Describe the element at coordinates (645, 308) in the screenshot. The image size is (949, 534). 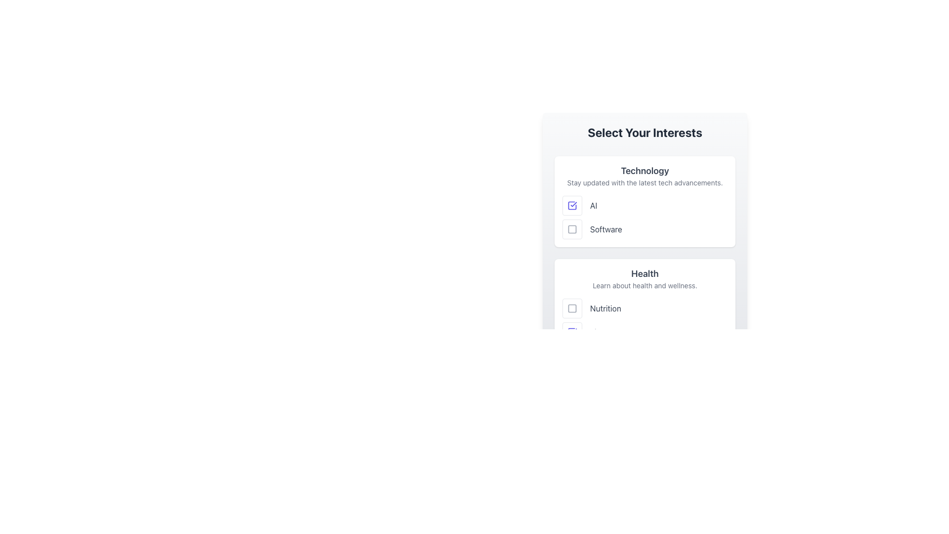
I see `keyboard navigation` at that location.